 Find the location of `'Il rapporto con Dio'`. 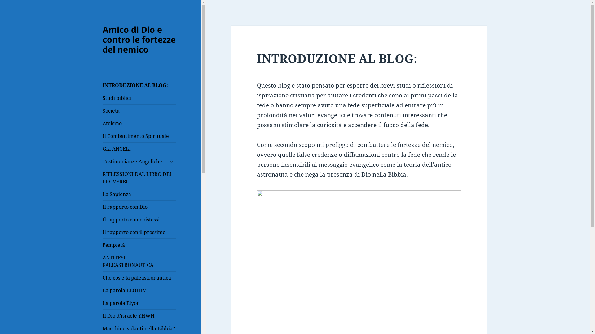

'Il rapporto con Dio' is located at coordinates (139, 207).